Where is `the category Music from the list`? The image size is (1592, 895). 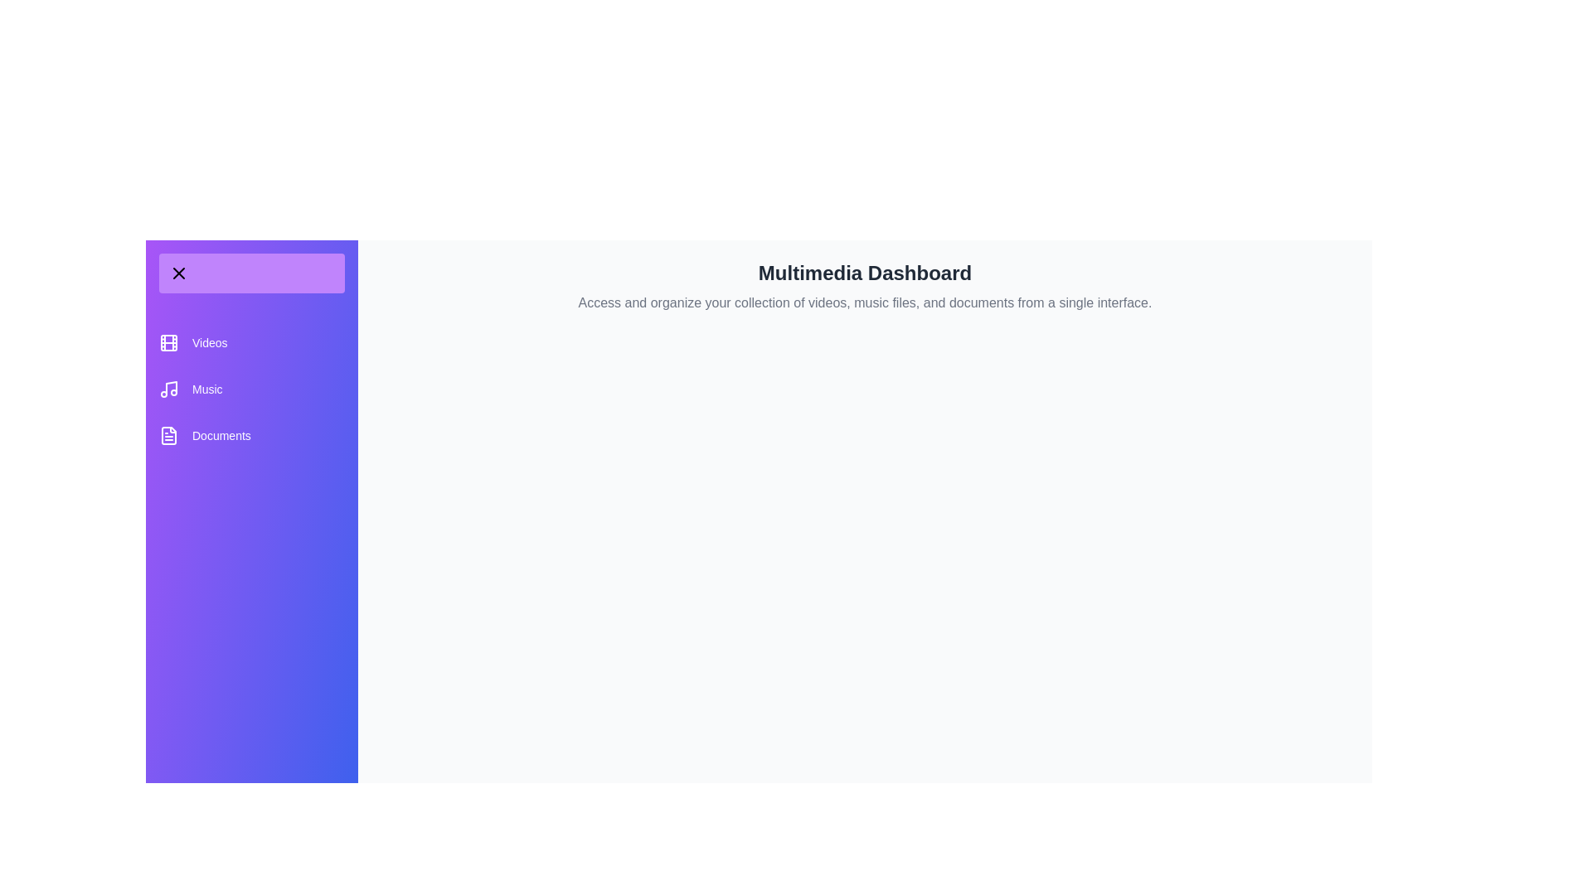
the category Music from the list is located at coordinates (250, 389).